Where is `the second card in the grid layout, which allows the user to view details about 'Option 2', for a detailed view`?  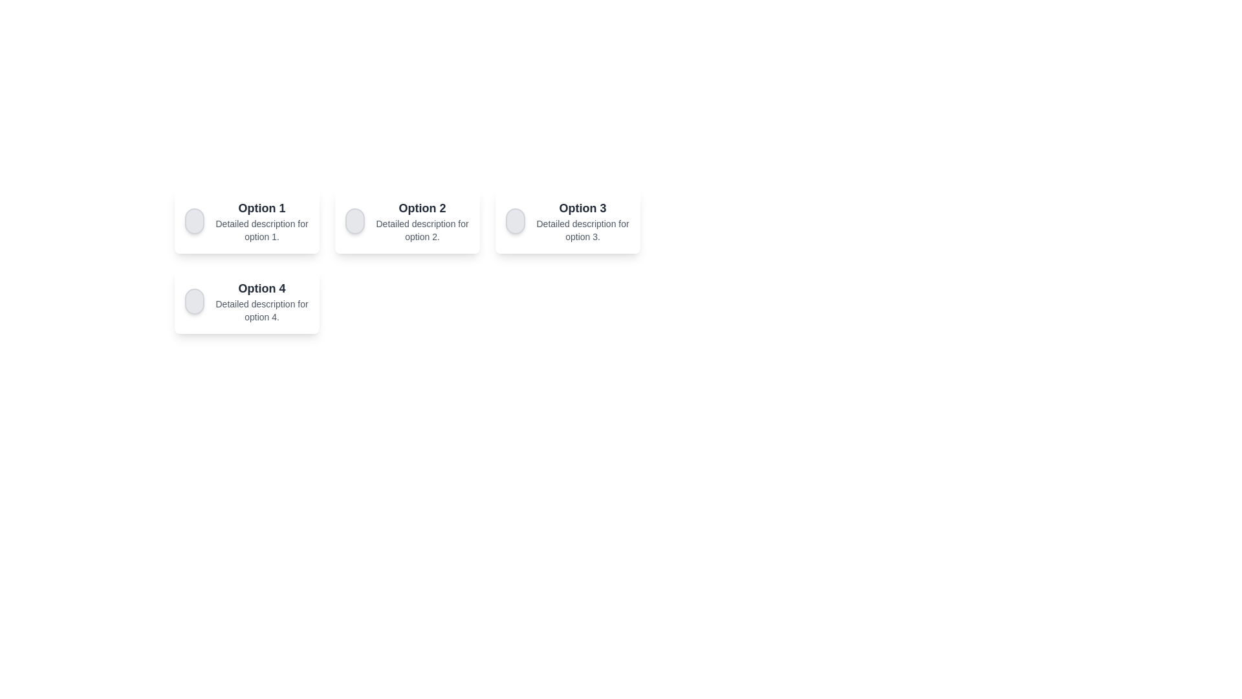
the second card in the grid layout, which allows the user to view details about 'Option 2', for a detailed view is located at coordinates (406, 221).